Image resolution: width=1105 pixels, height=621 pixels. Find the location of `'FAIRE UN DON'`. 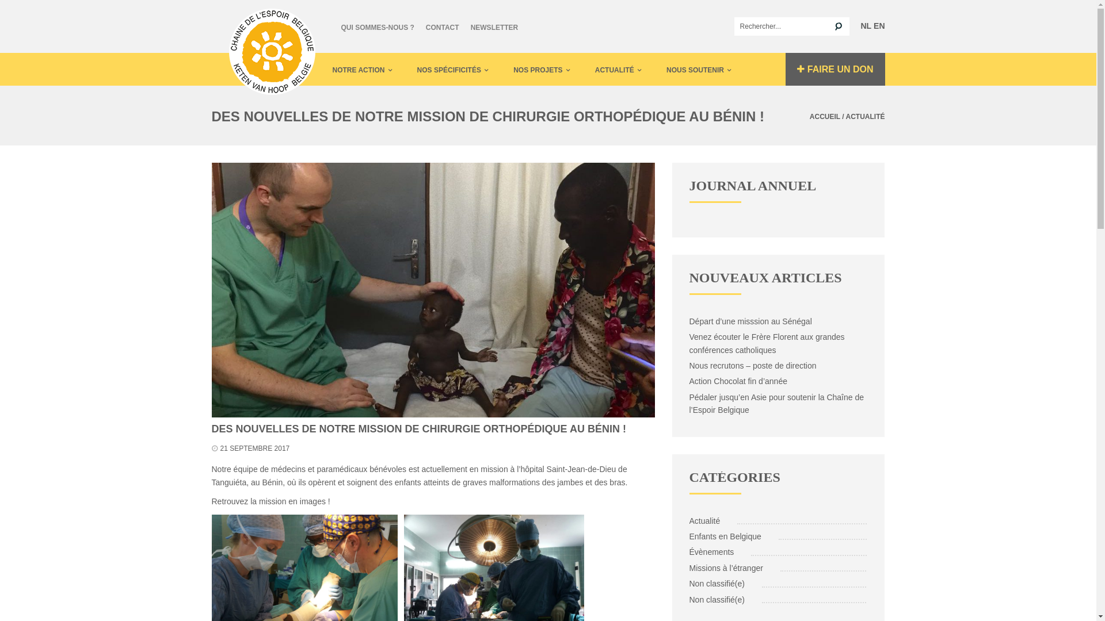

'FAIRE UN DON' is located at coordinates (784, 69).